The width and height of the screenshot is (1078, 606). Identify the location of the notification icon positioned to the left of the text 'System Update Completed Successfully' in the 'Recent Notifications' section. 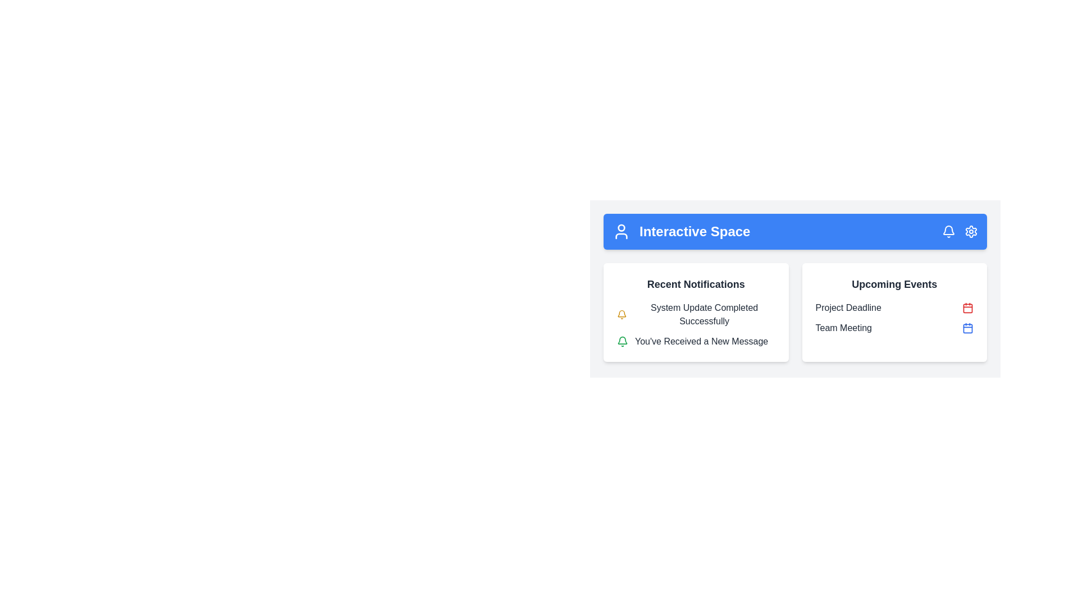
(621, 314).